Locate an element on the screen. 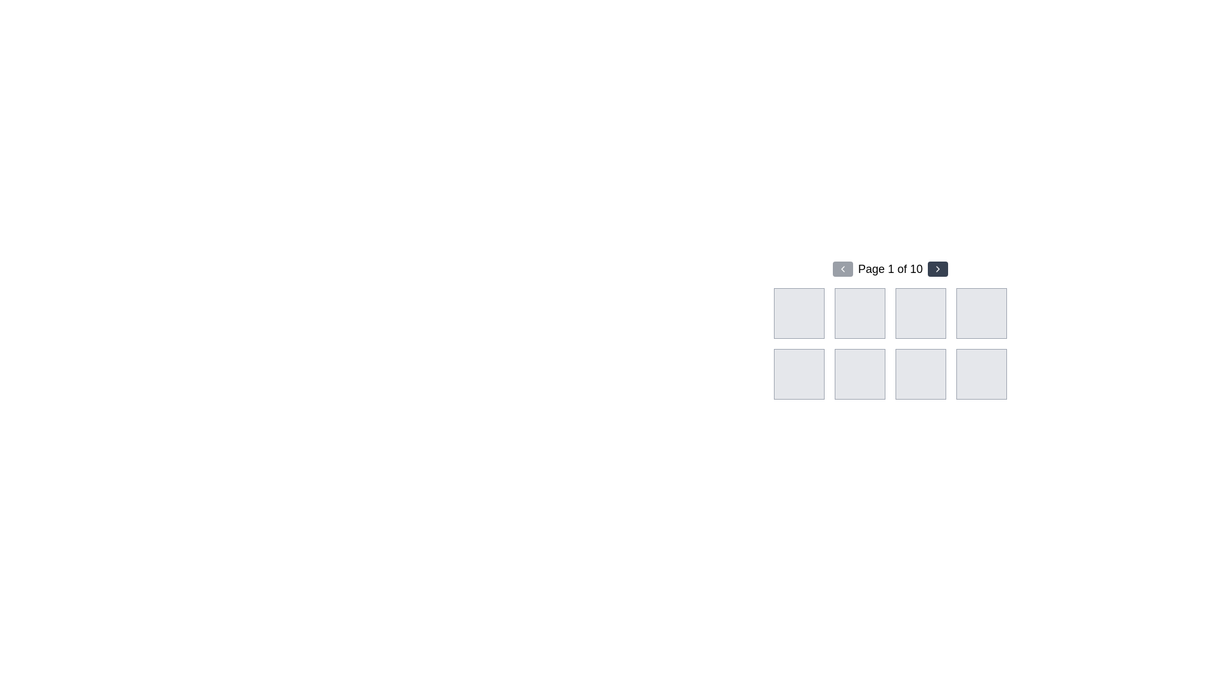  the decorative box located in the second row and second column of the grid layout, which serves as a placeholder and is the sixth element among its siblings is located at coordinates (860, 373).